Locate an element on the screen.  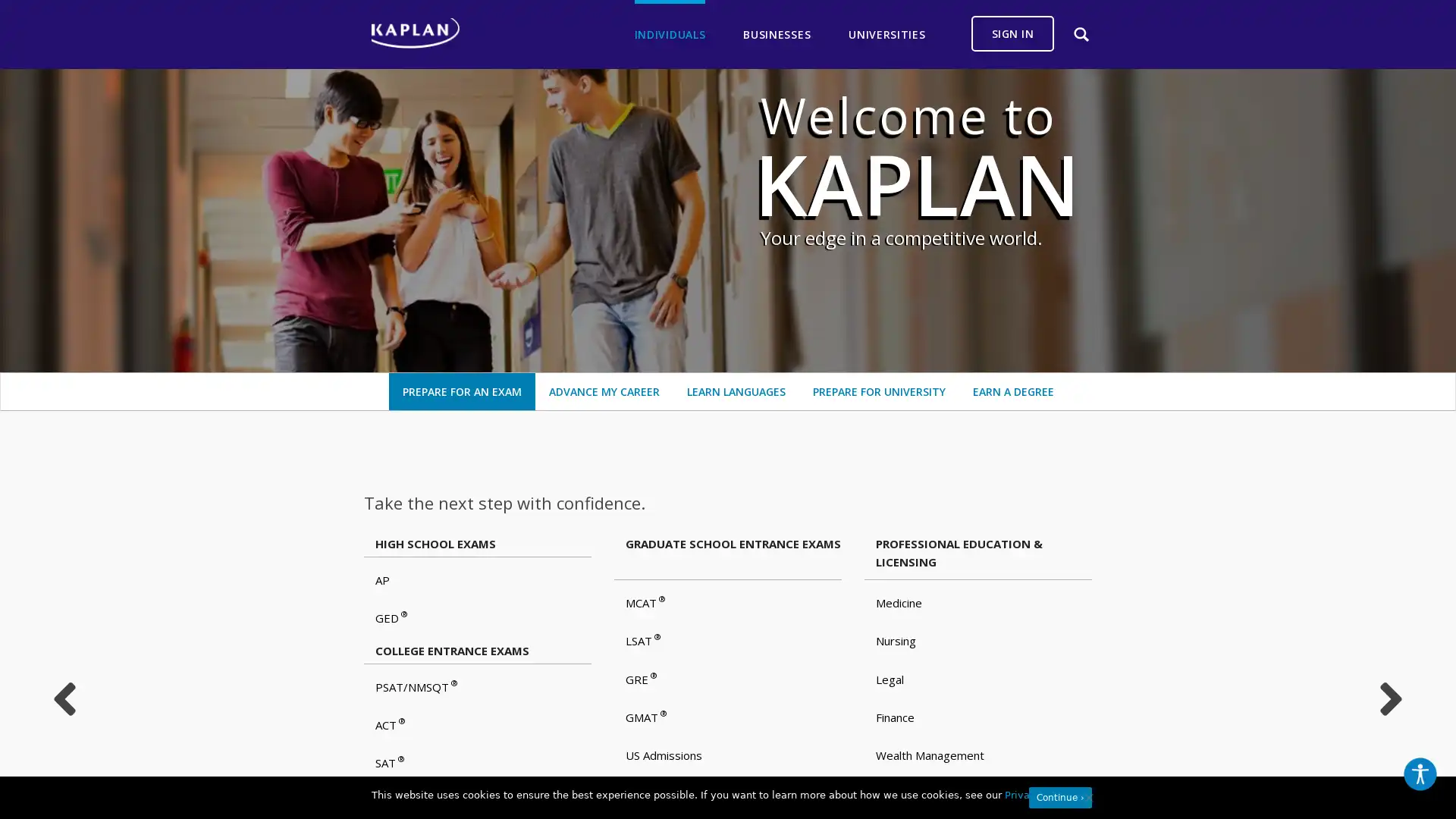
Next is located at coordinates (1391, 698).